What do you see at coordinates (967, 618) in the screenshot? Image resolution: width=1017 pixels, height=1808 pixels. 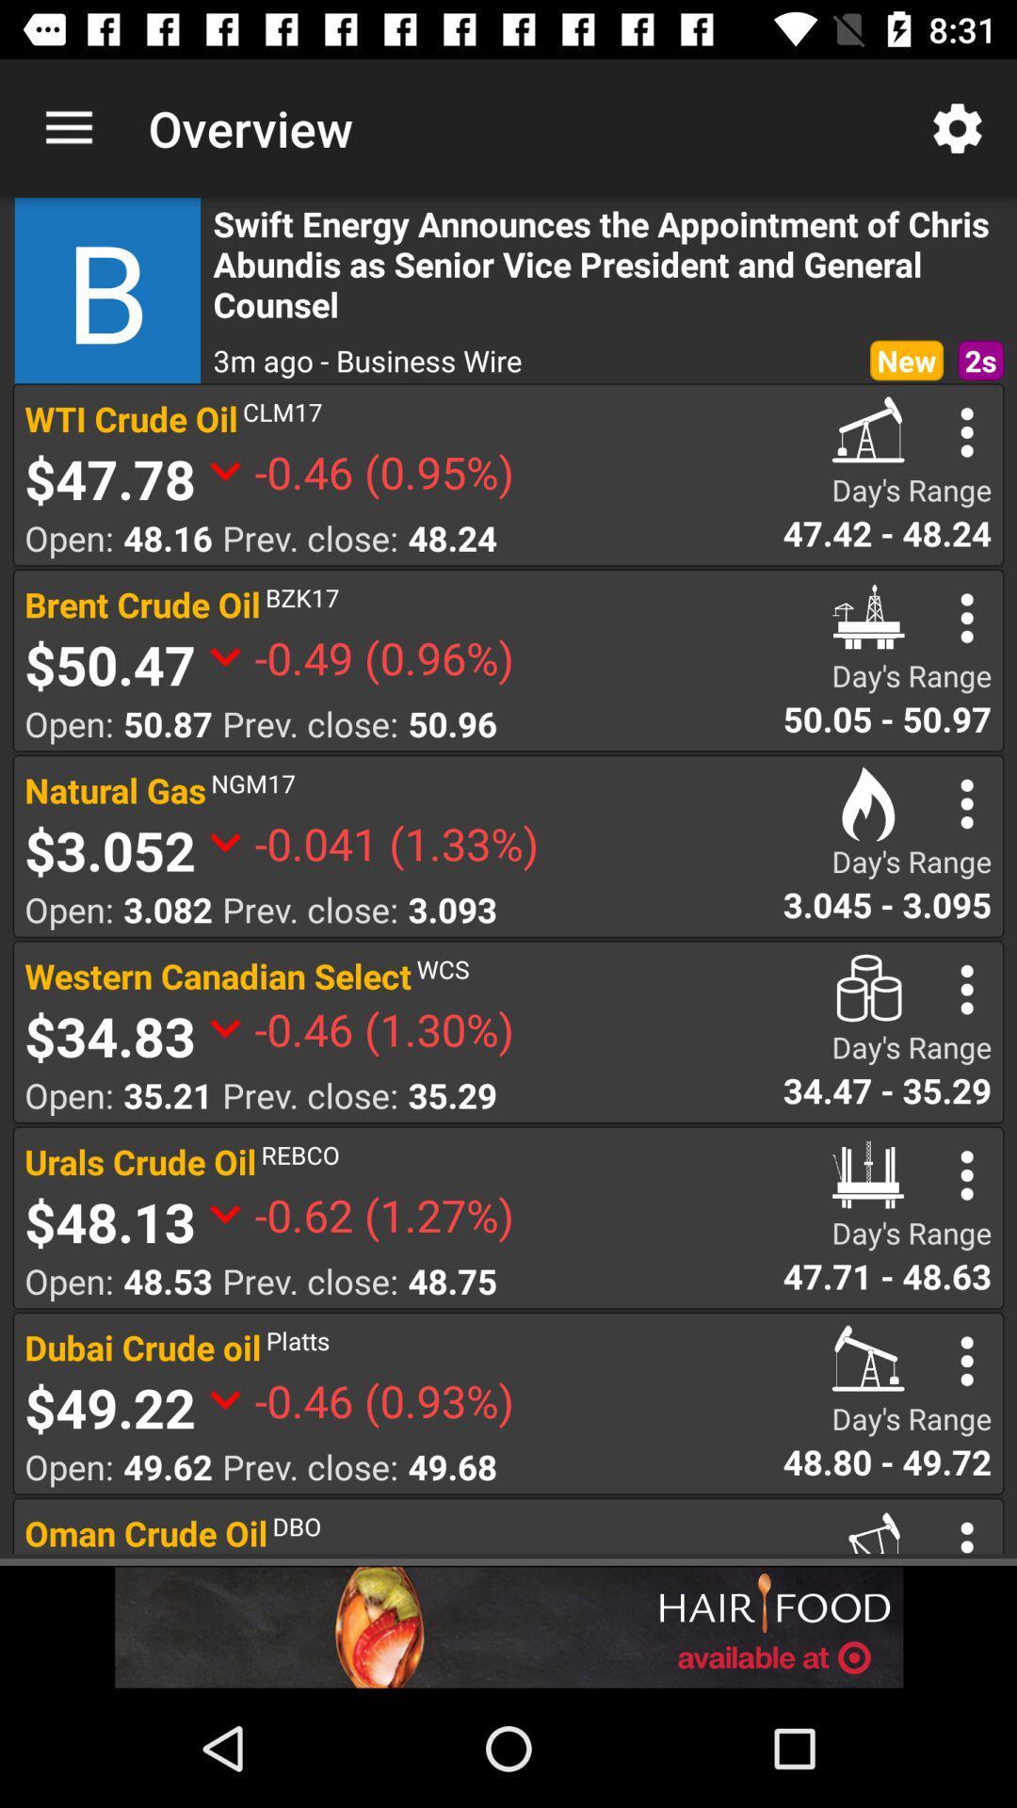 I see `opens a list of options for the stock` at bounding box center [967, 618].